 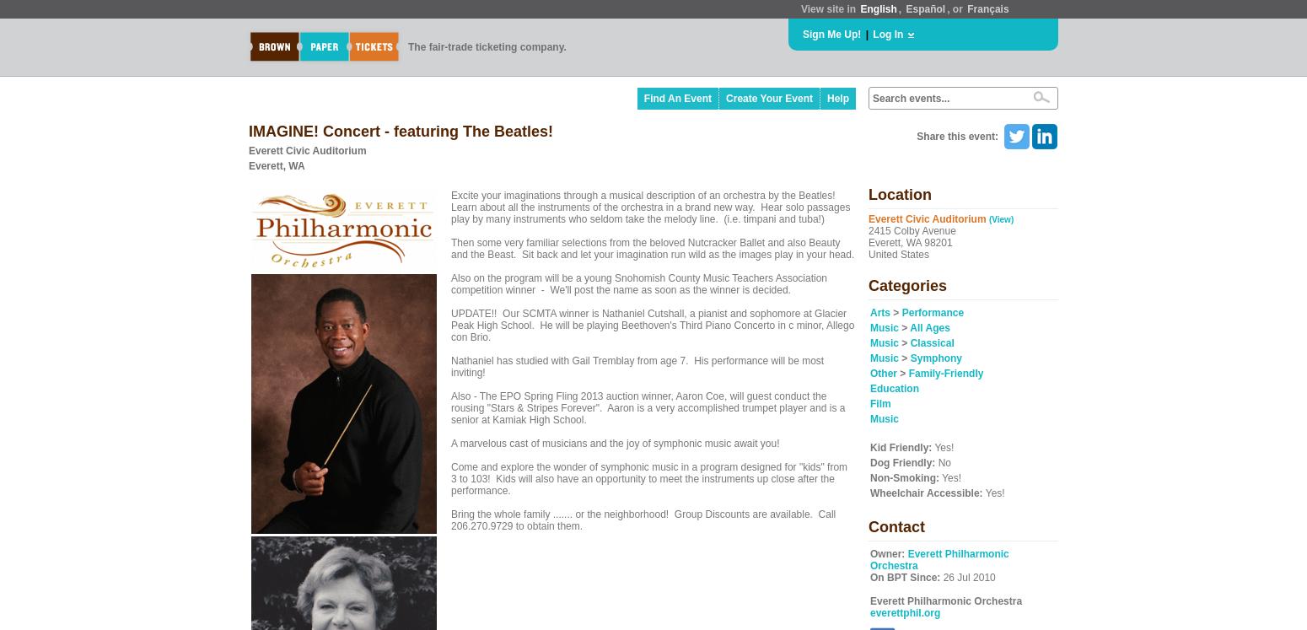 What do you see at coordinates (898, 254) in the screenshot?
I see `'United States'` at bounding box center [898, 254].